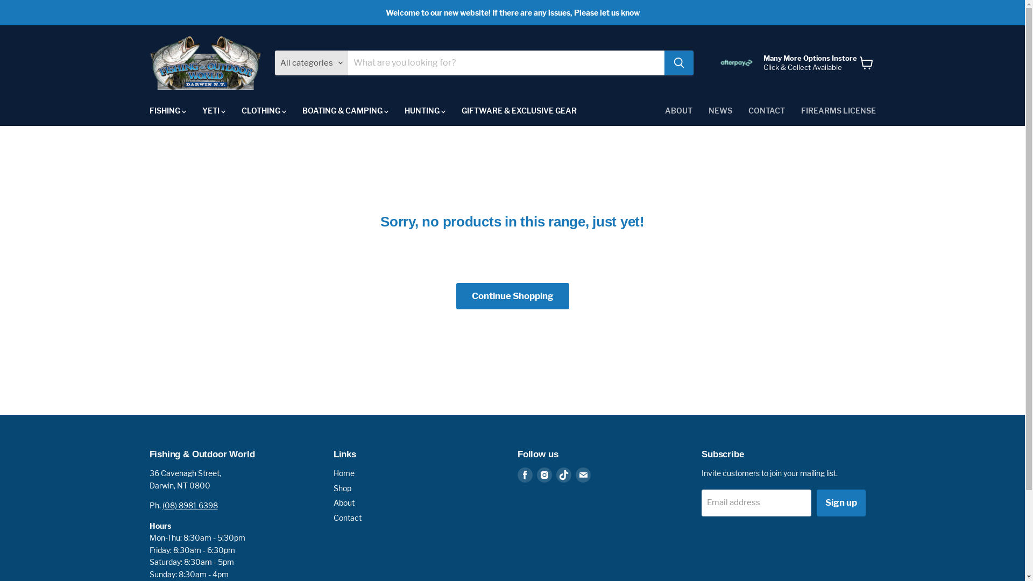 The width and height of the screenshot is (1033, 581). Describe the element at coordinates (456, 296) in the screenshot. I see `'Continue Shopping'` at that location.